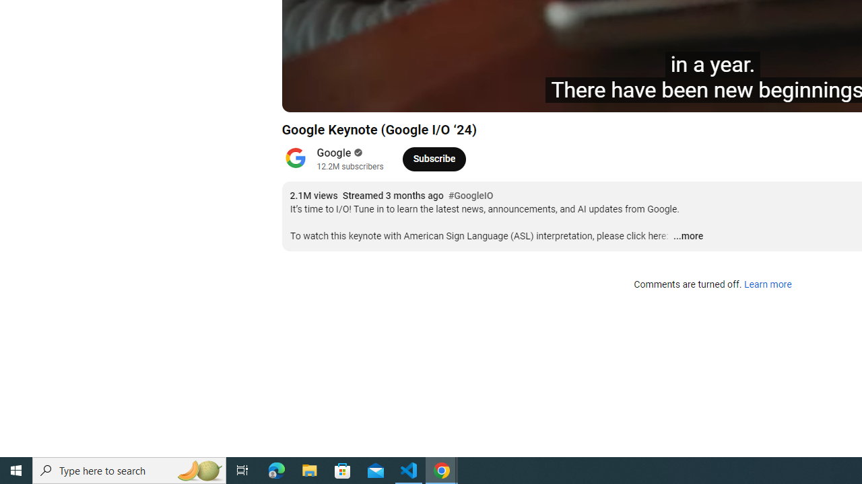 The width and height of the screenshot is (862, 484). I want to click on '...more', so click(688, 236).